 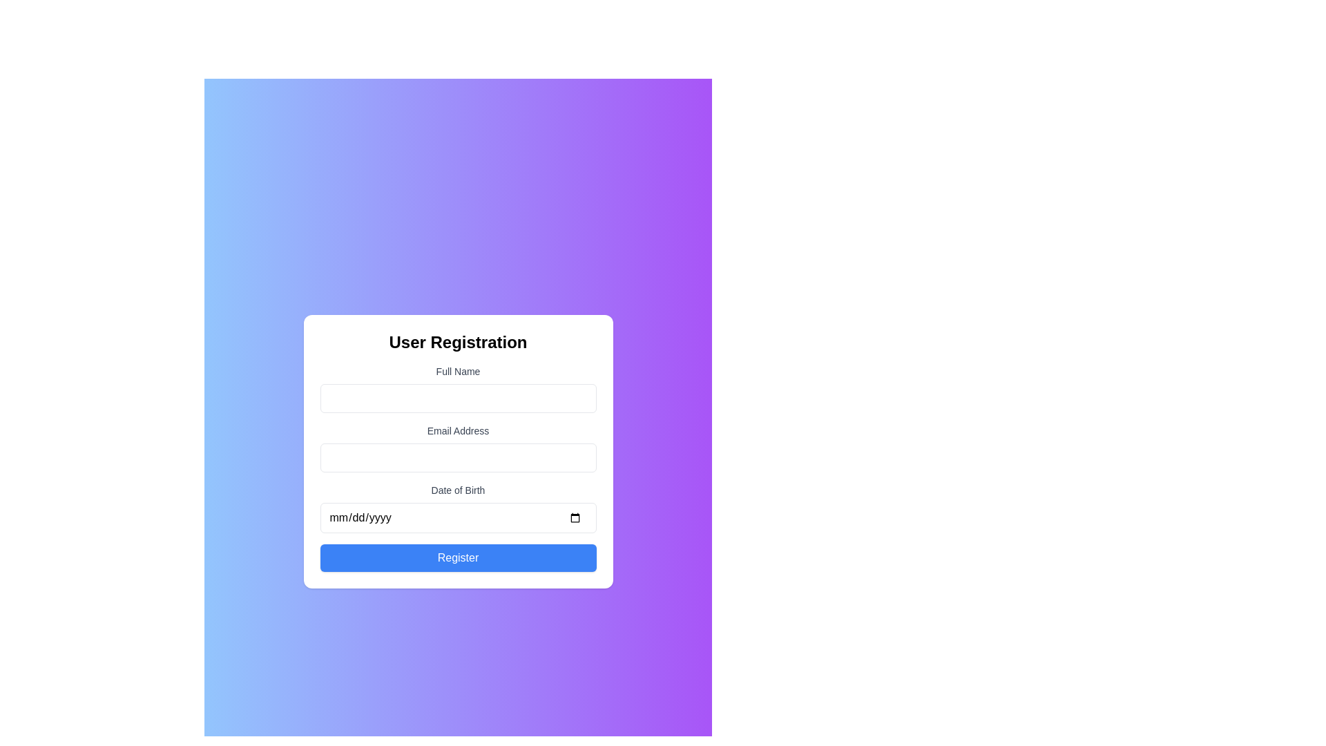 I want to click on the blue 'Register' button with rounded corners located at the bottom of the 'User Registration' form, so click(x=458, y=557).